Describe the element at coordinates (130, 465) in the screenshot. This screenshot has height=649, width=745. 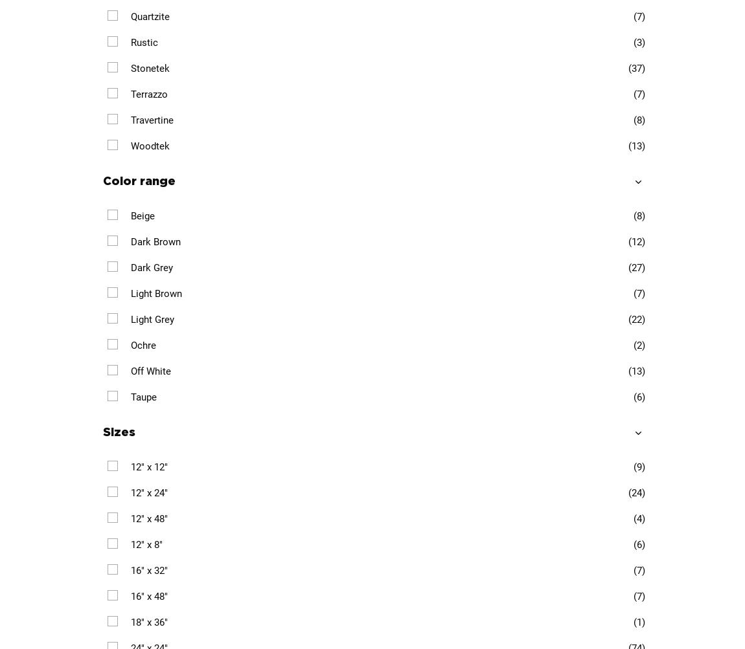
I see `'12" x 12"'` at that location.